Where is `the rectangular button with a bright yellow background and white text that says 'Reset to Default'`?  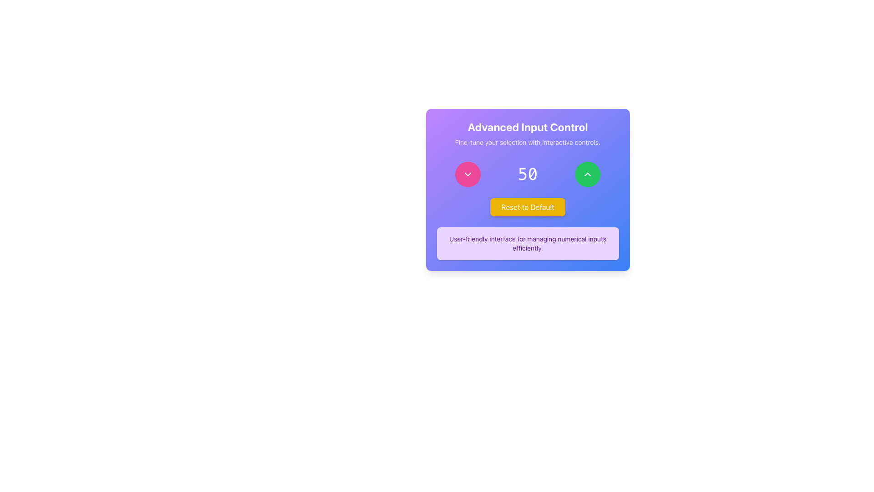
the rectangular button with a bright yellow background and white text that says 'Reset to Default' is located at coordinates (528, 207).